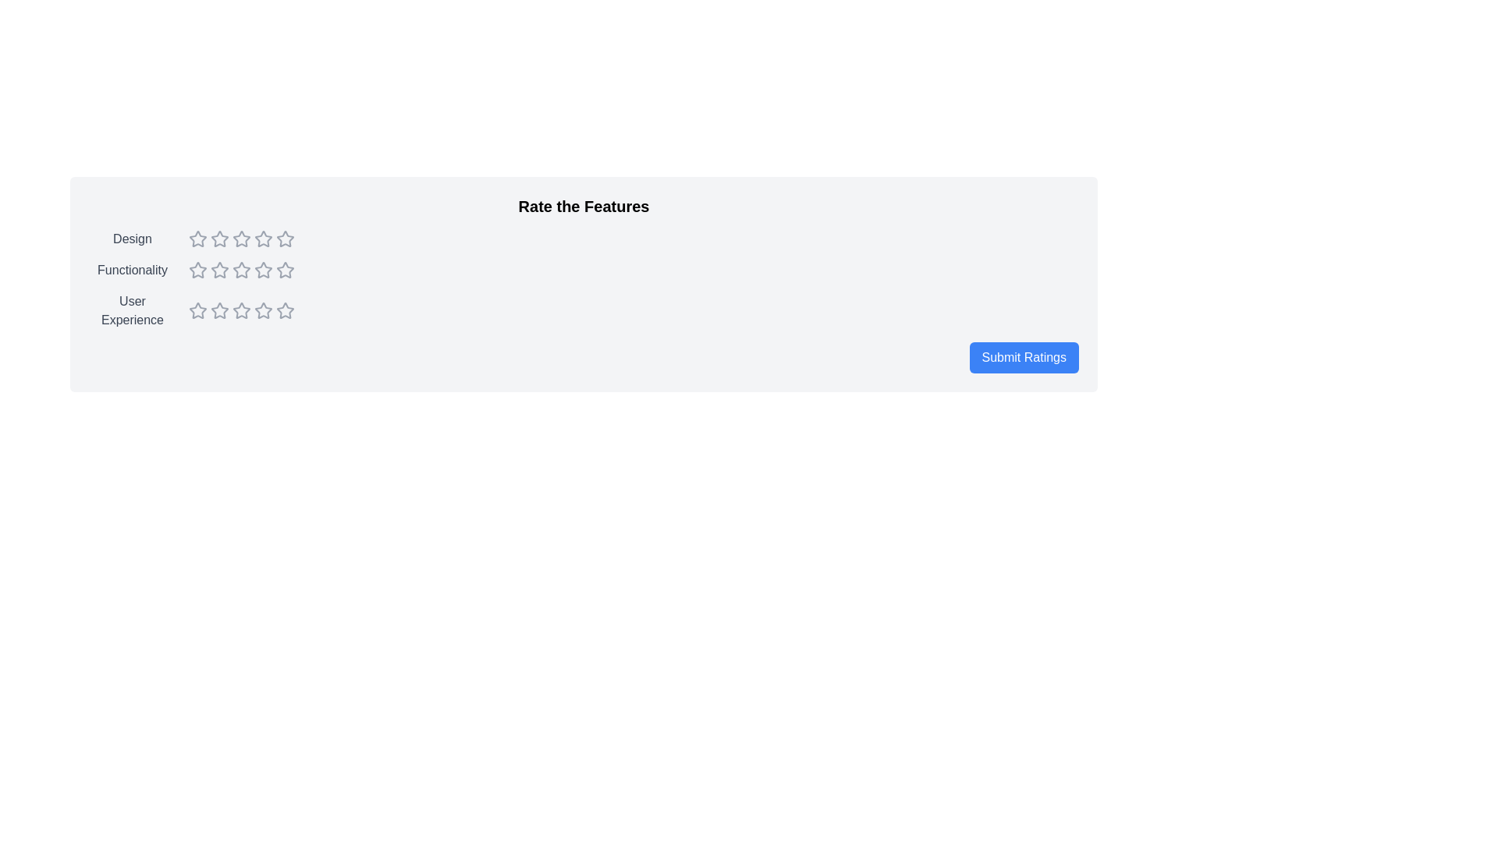  Describe the element at coordinates (241, 310) in the screenshot. I see `the second star in the 'User Experience' rating component to provide feedback` at that location.